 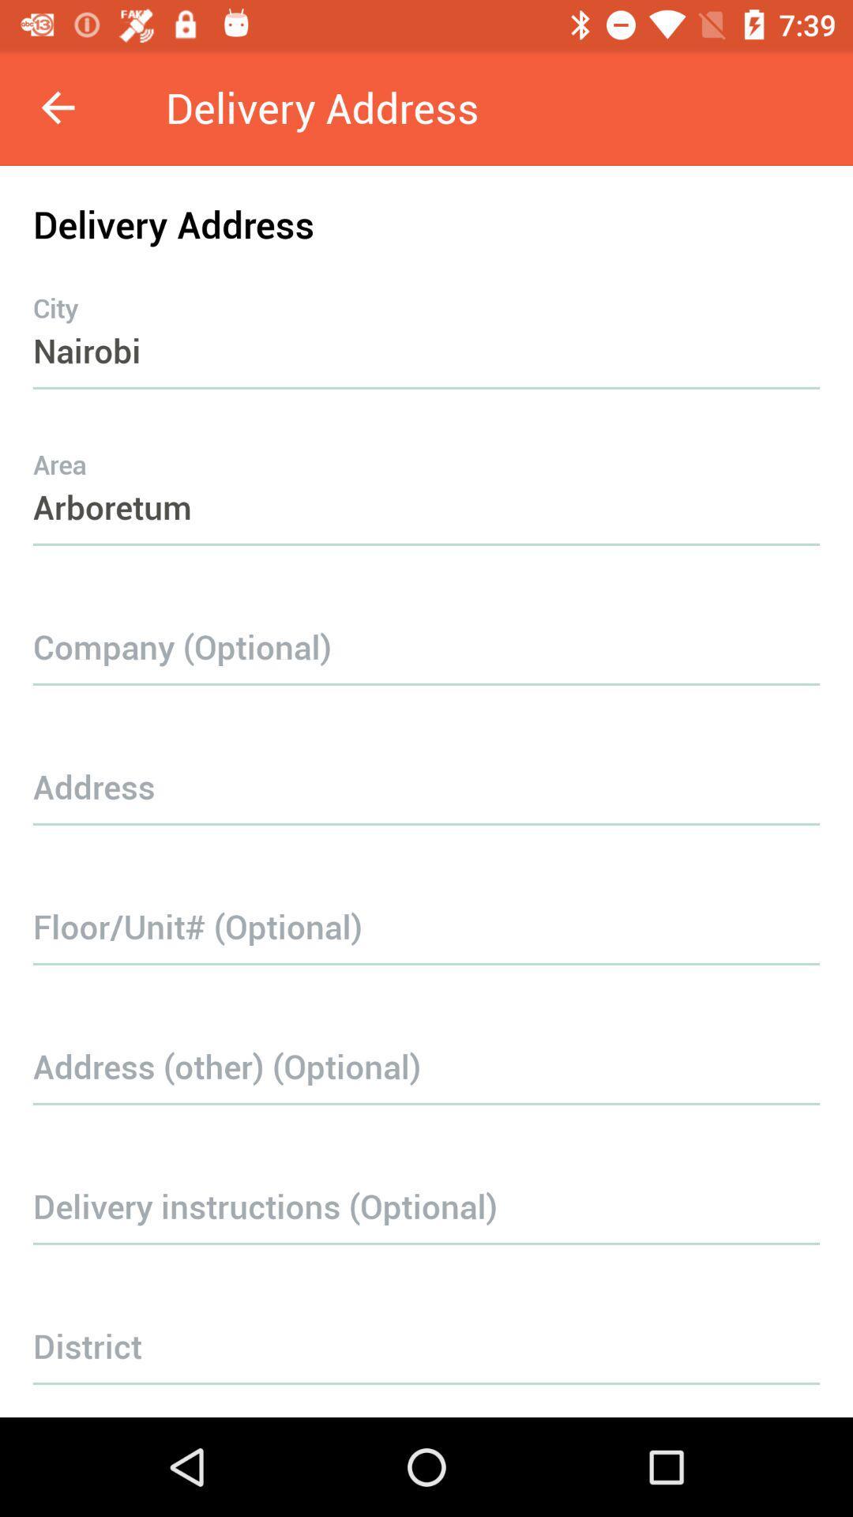 I want to click on the arboretum, so click(x=426, y=475).